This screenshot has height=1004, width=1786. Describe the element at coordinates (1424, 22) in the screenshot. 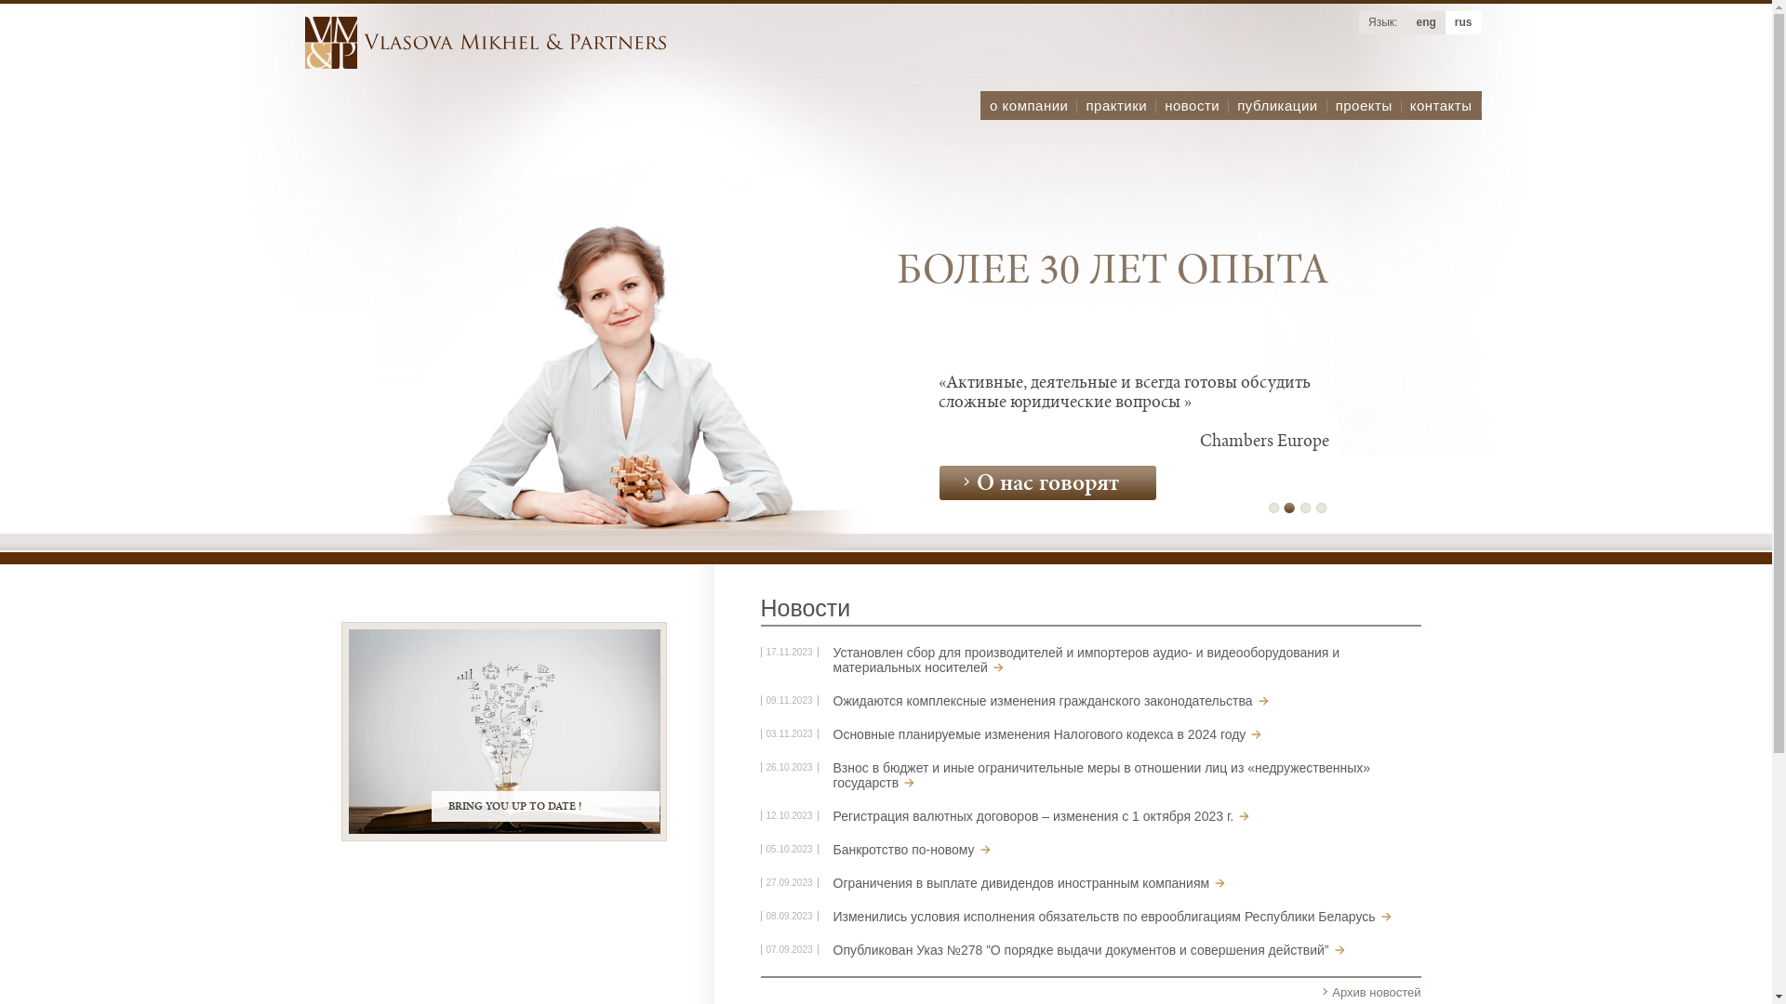

I see `'eng'` at that location.